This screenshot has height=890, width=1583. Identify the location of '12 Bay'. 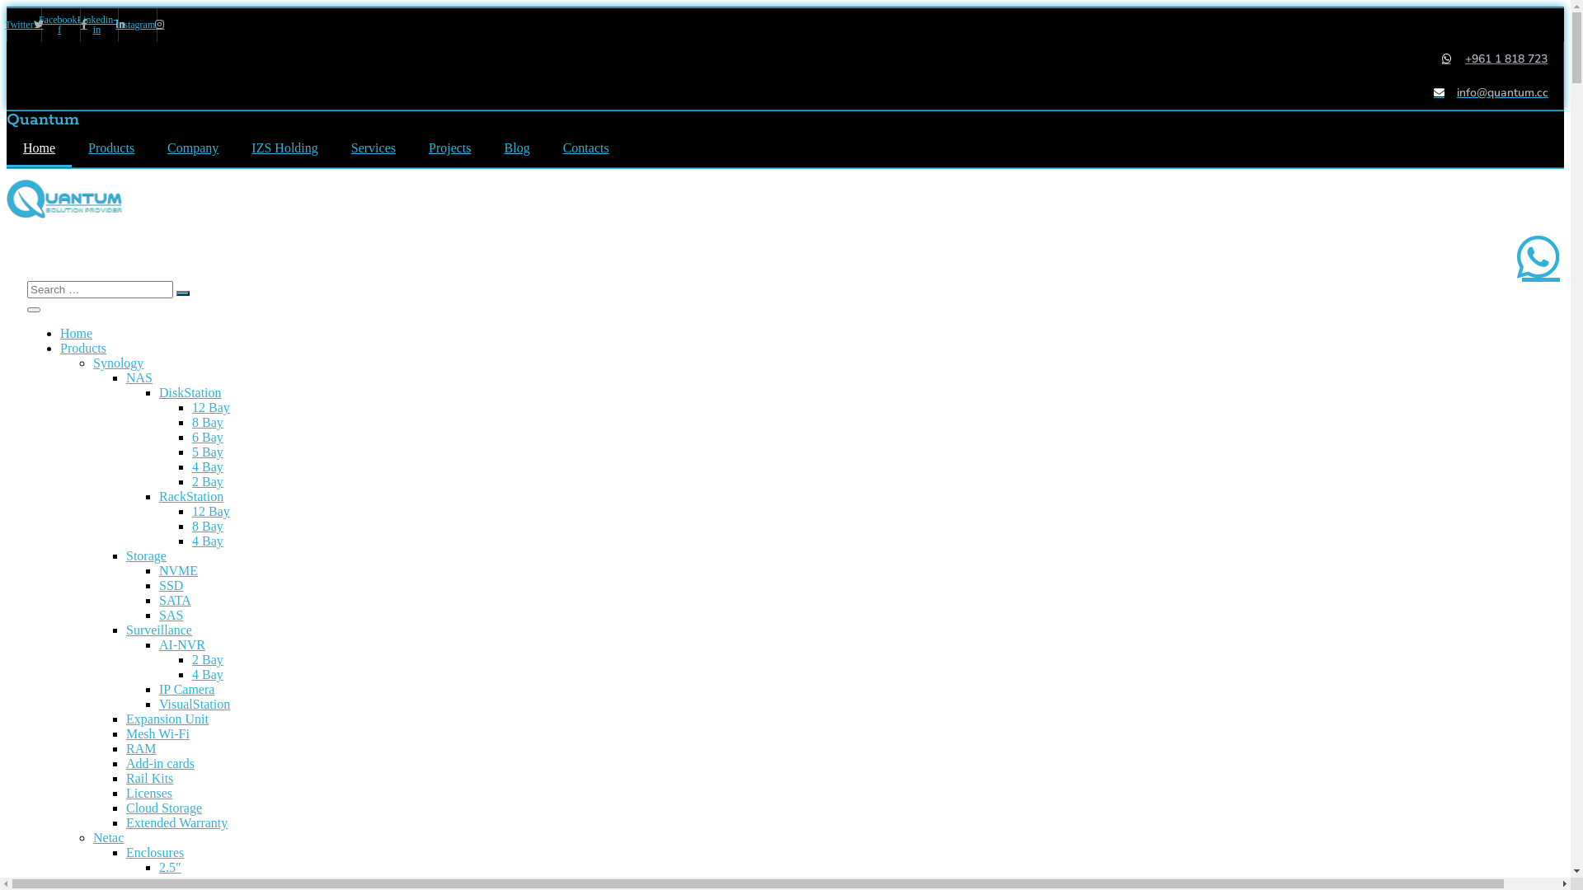
(209, 407).